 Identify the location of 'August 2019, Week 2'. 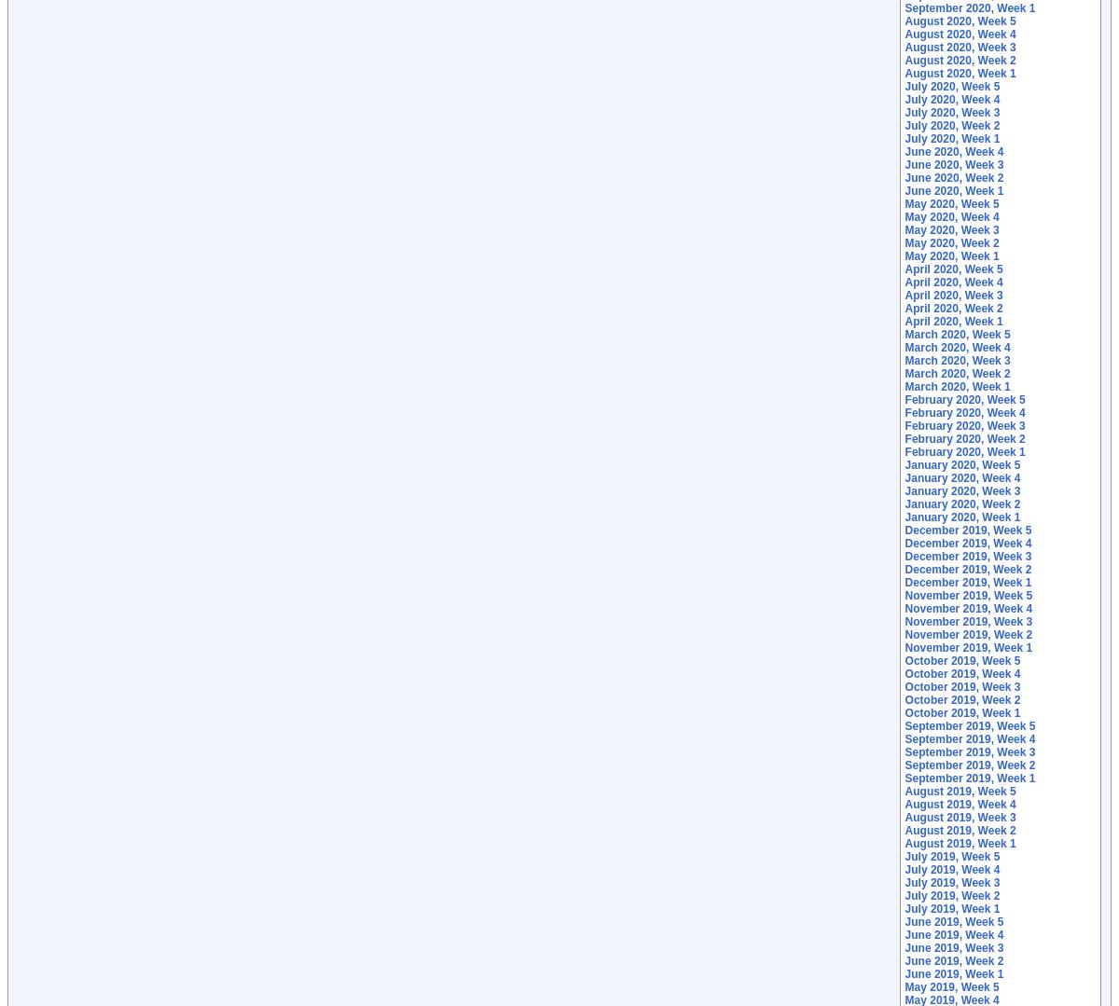
(960, 830).